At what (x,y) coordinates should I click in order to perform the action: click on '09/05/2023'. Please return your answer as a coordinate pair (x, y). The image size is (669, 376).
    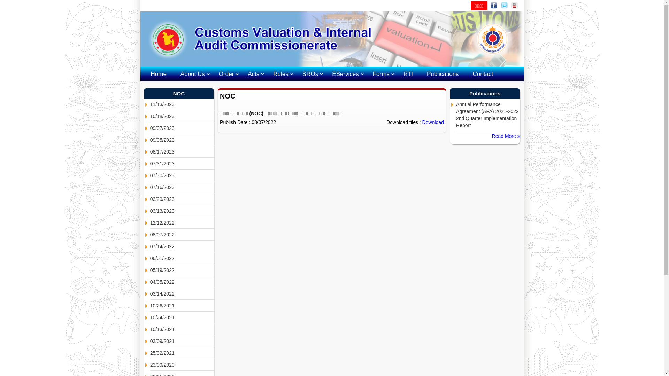
    Looking at the image, I should click on (182, 140).